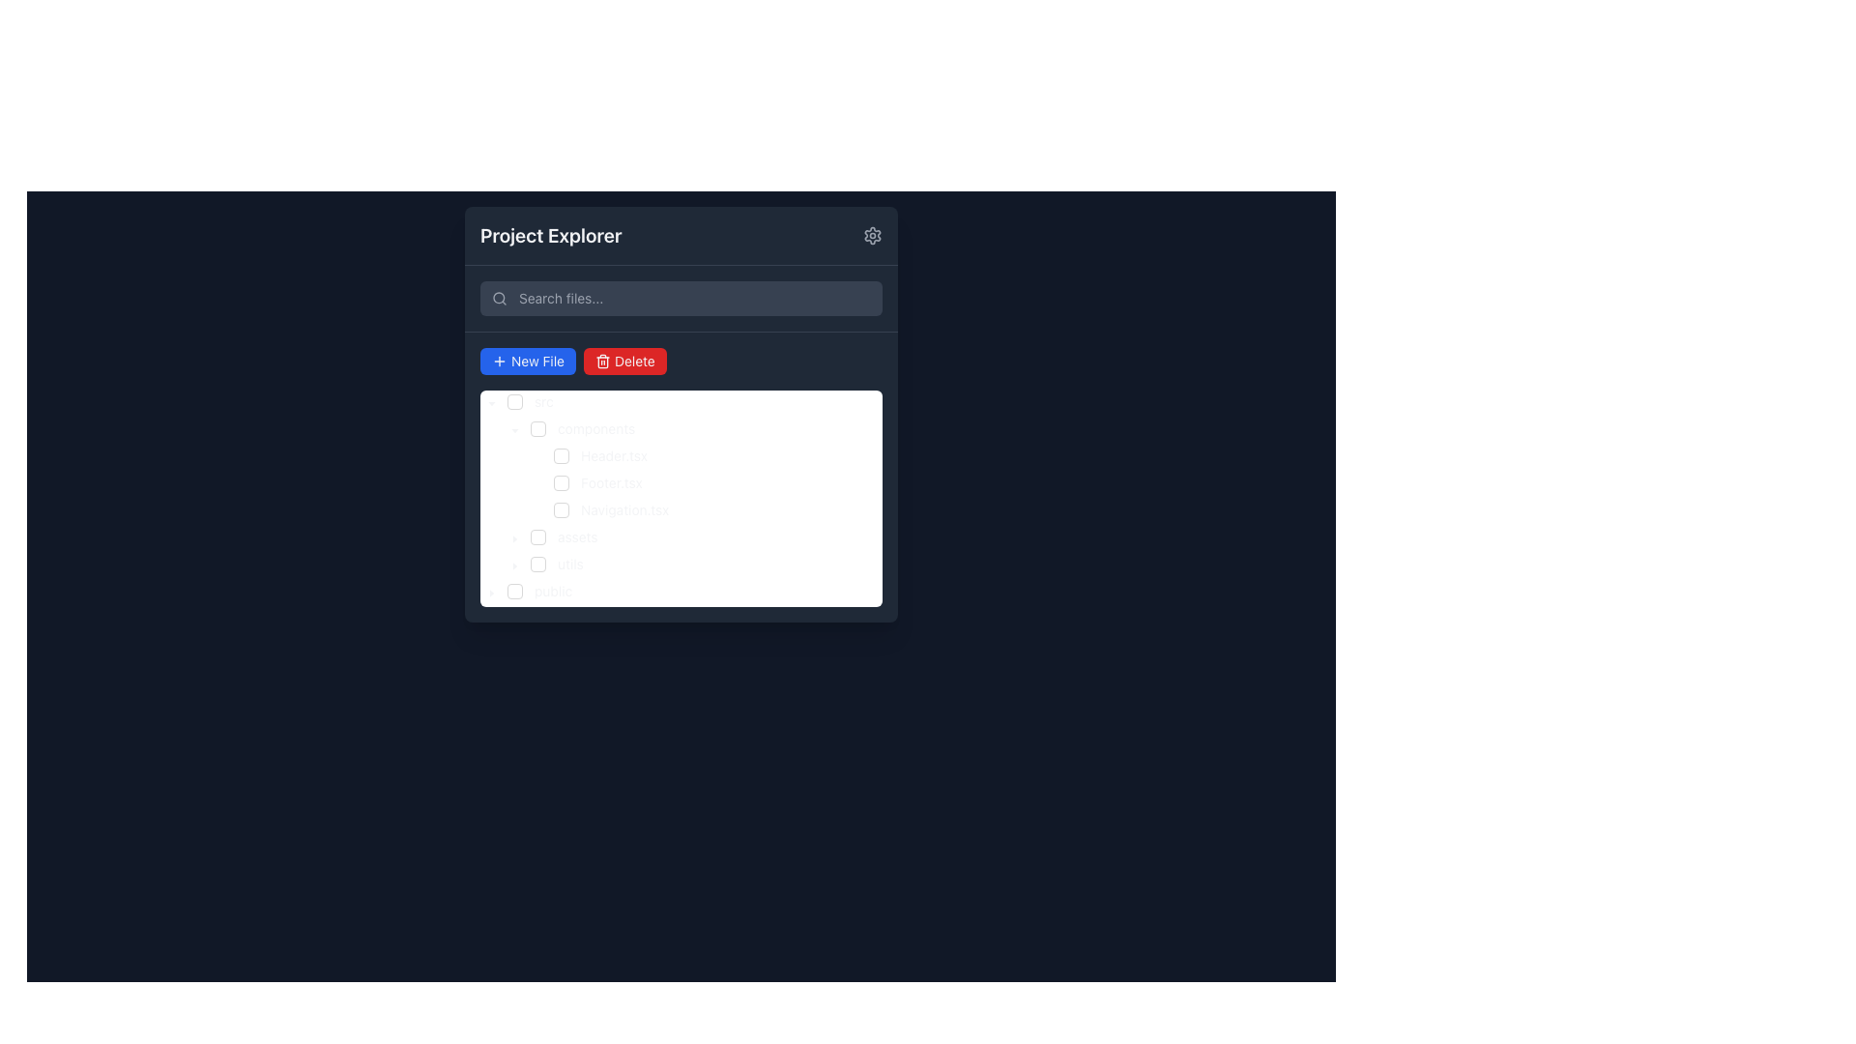 The width and height of the screenshot is (1856, 1044). Describe the element at coordinates (529, 591) in the screenshot. I see `or deselect the checkbox for the seventh Tree view item located below the 'utils' item` at that location.